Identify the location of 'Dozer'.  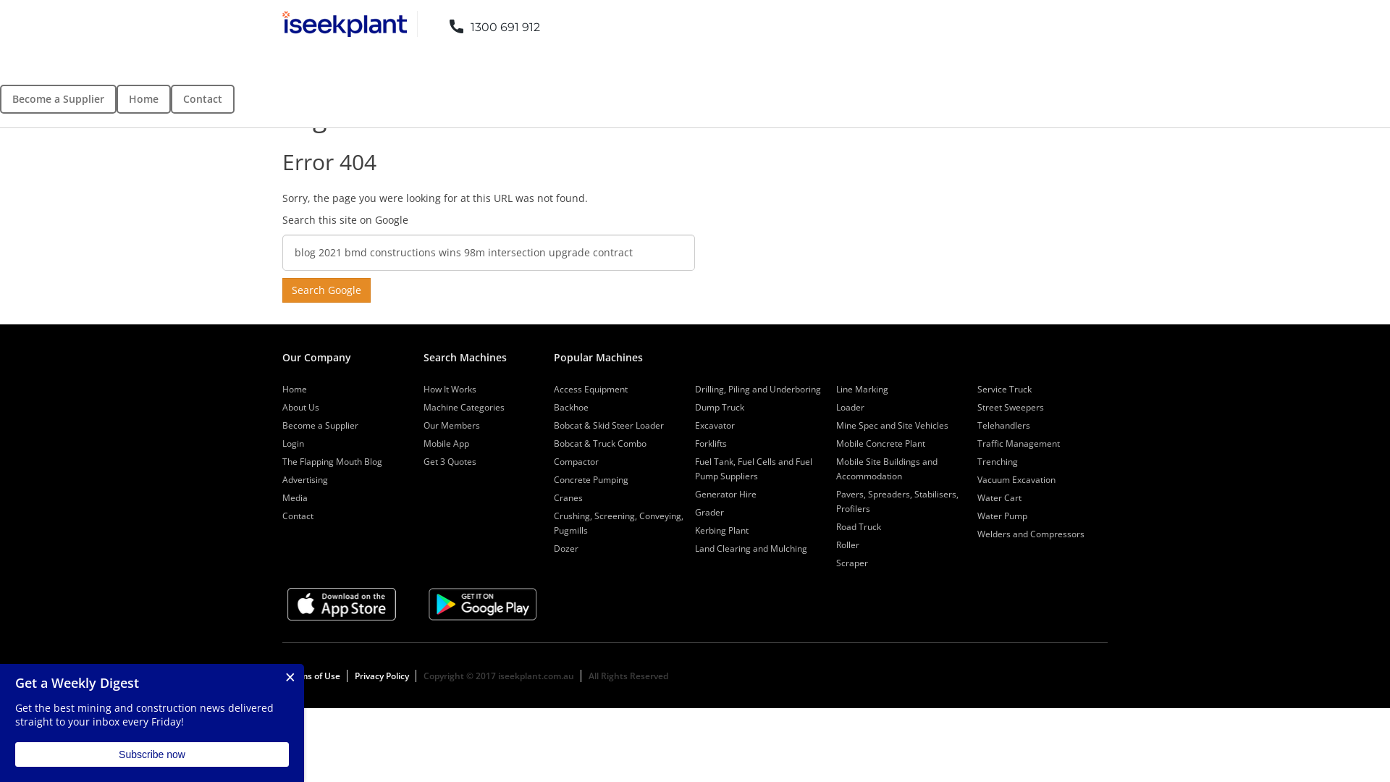
(552, 548).